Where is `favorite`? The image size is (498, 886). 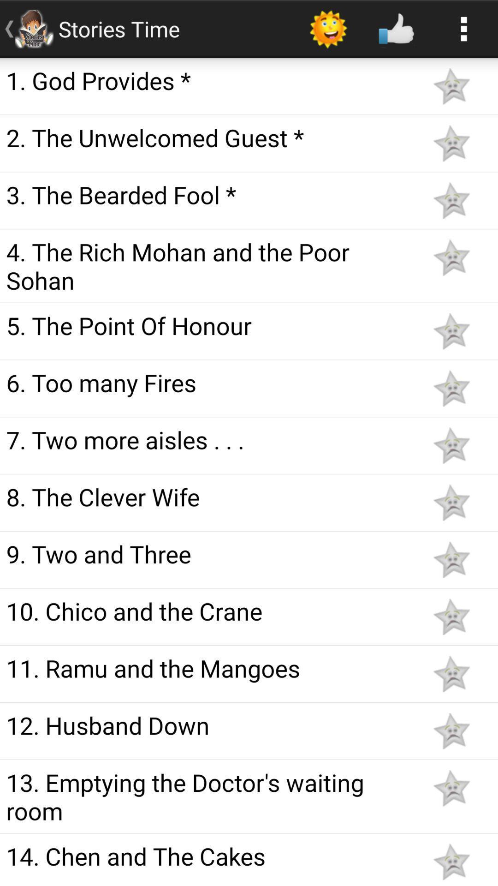
favorite is located at coordinates (451, 502).